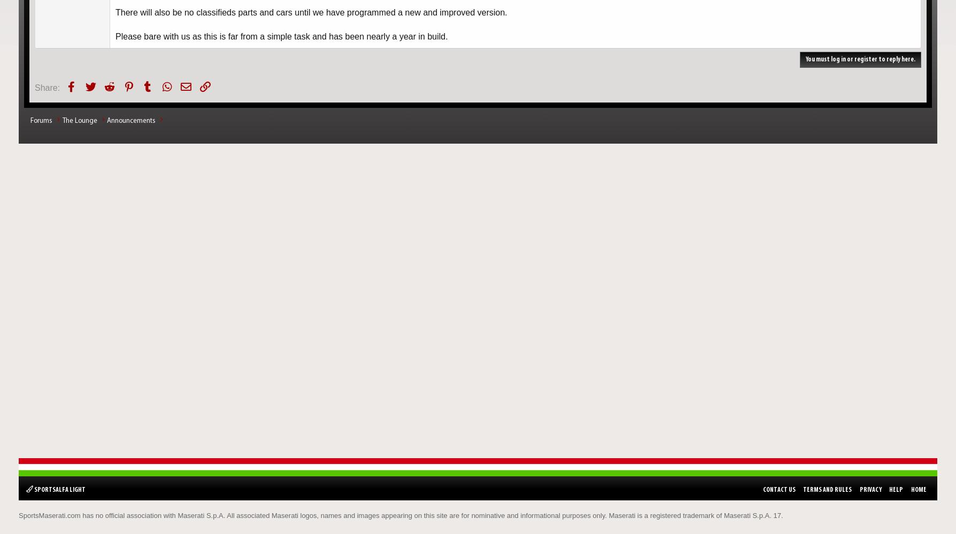 This screenshot has width=956, height=534. What do you see at coordinates (59, 489) in the screenshot?
I see `'SportsAlfa LIGHT'` at bounding box center [59, 489].